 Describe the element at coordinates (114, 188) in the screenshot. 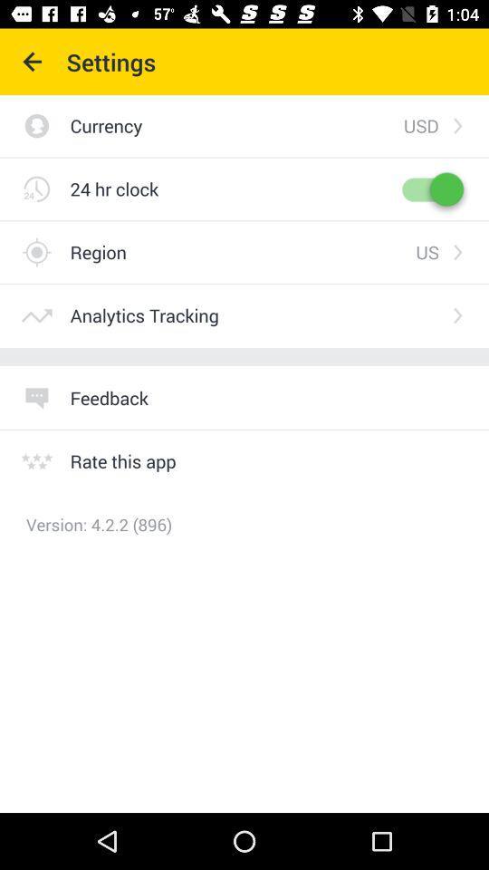

I see `the icon below currency item` at that location.